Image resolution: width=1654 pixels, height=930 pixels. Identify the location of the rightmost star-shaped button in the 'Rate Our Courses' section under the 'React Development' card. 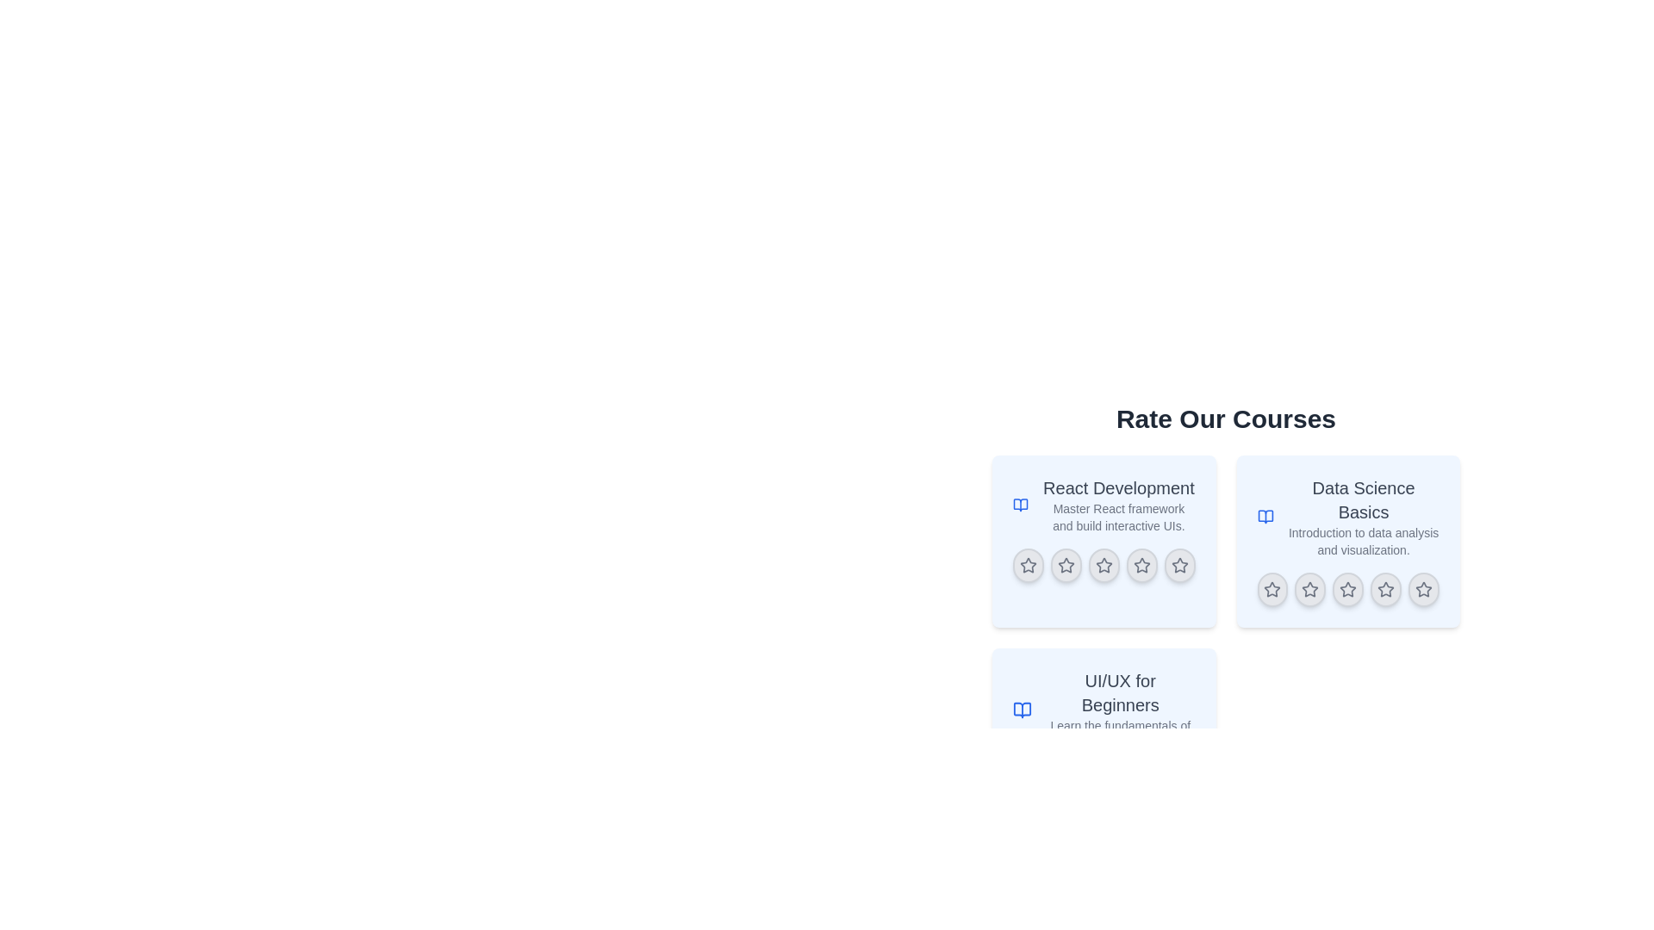
(1141, 565).